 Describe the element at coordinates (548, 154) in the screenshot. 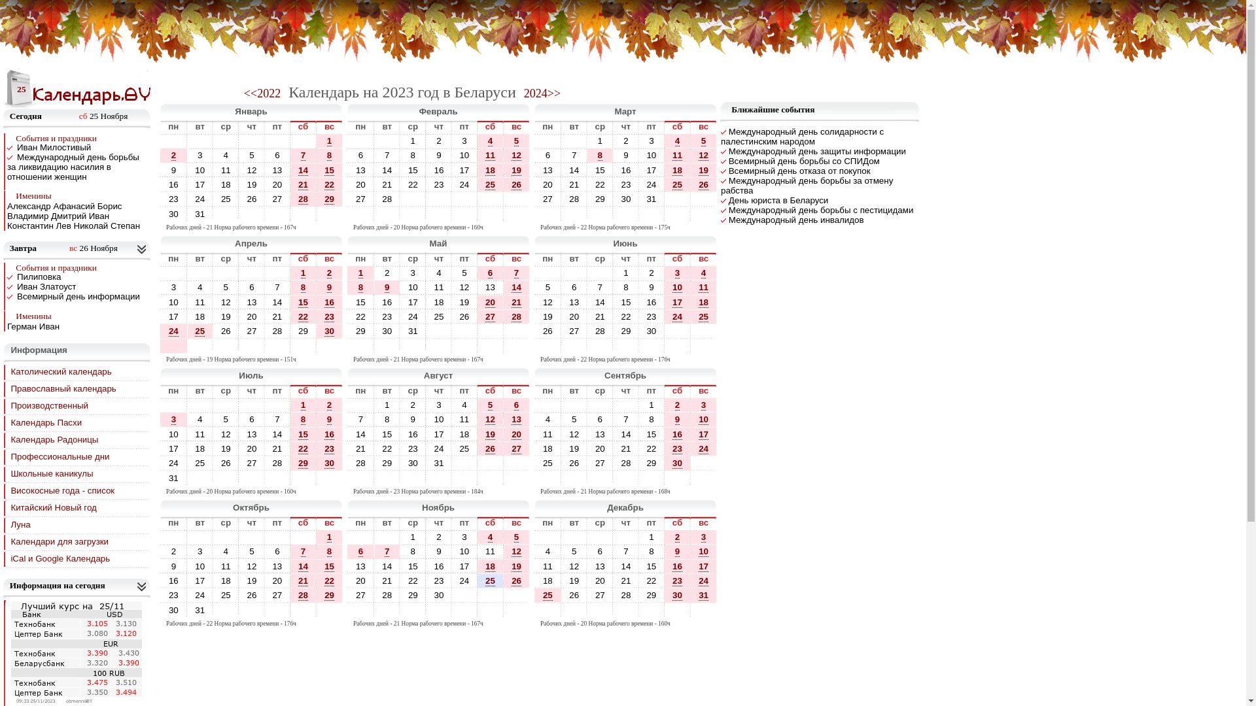

I see `'6'` at that location.